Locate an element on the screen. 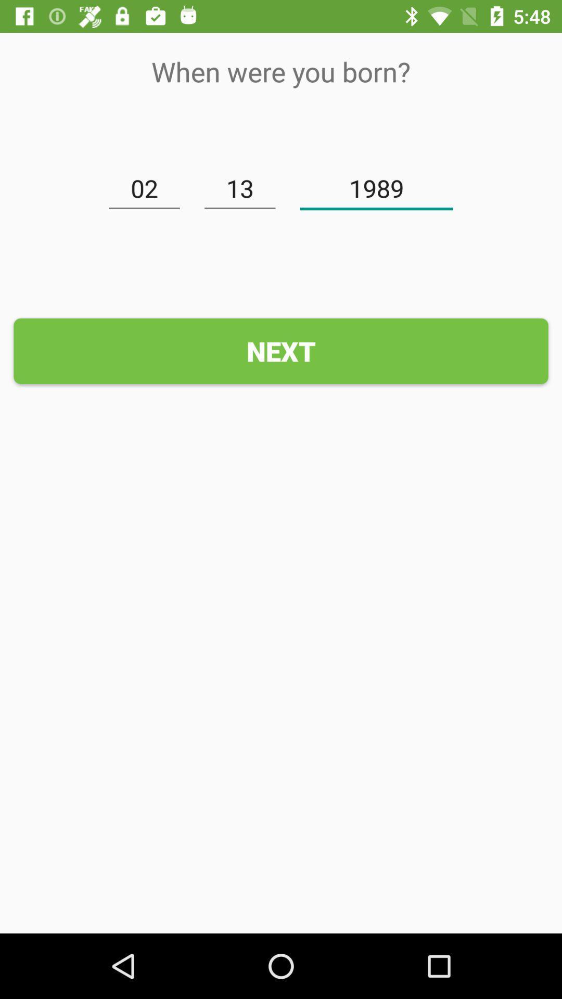  icon to the left of the 13 item is located at coordinates (144, 189).